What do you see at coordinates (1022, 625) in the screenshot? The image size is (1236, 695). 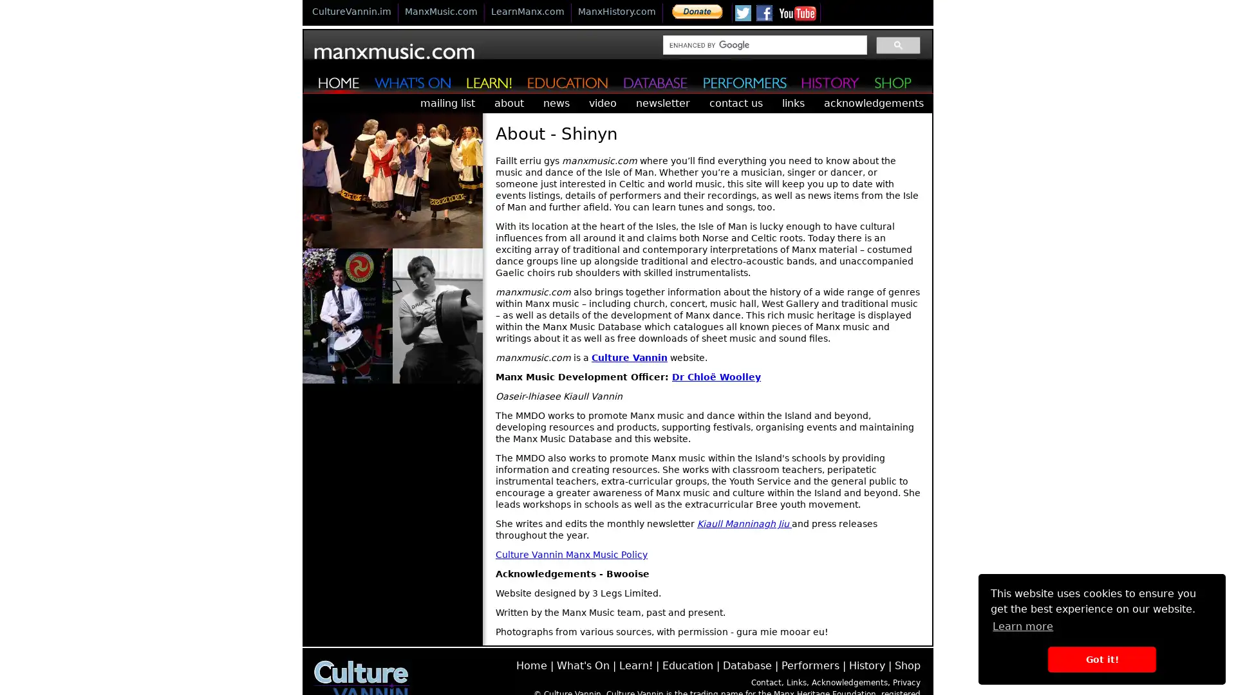 I see `learn more about cookies` at bounding box center [1022, 625].